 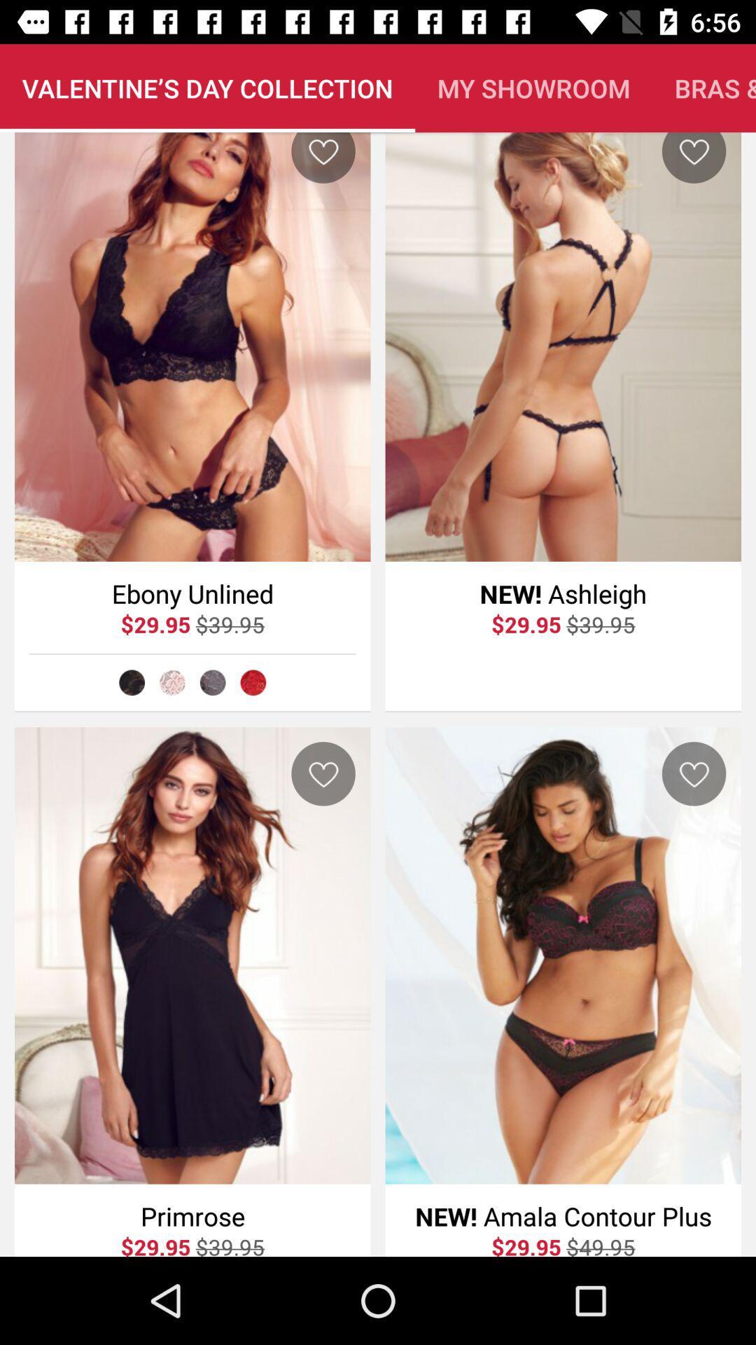 What do you see at coordinates (213, 682) in the screenshot?
I see `item below 29 95 39 item` at bounding box center [213, 682].